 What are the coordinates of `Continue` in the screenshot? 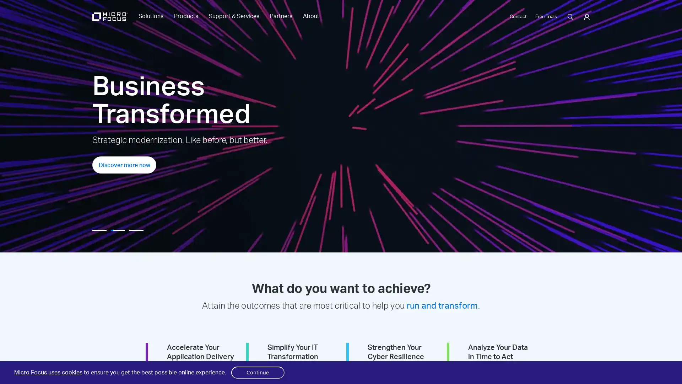 It's located at (257, 372).